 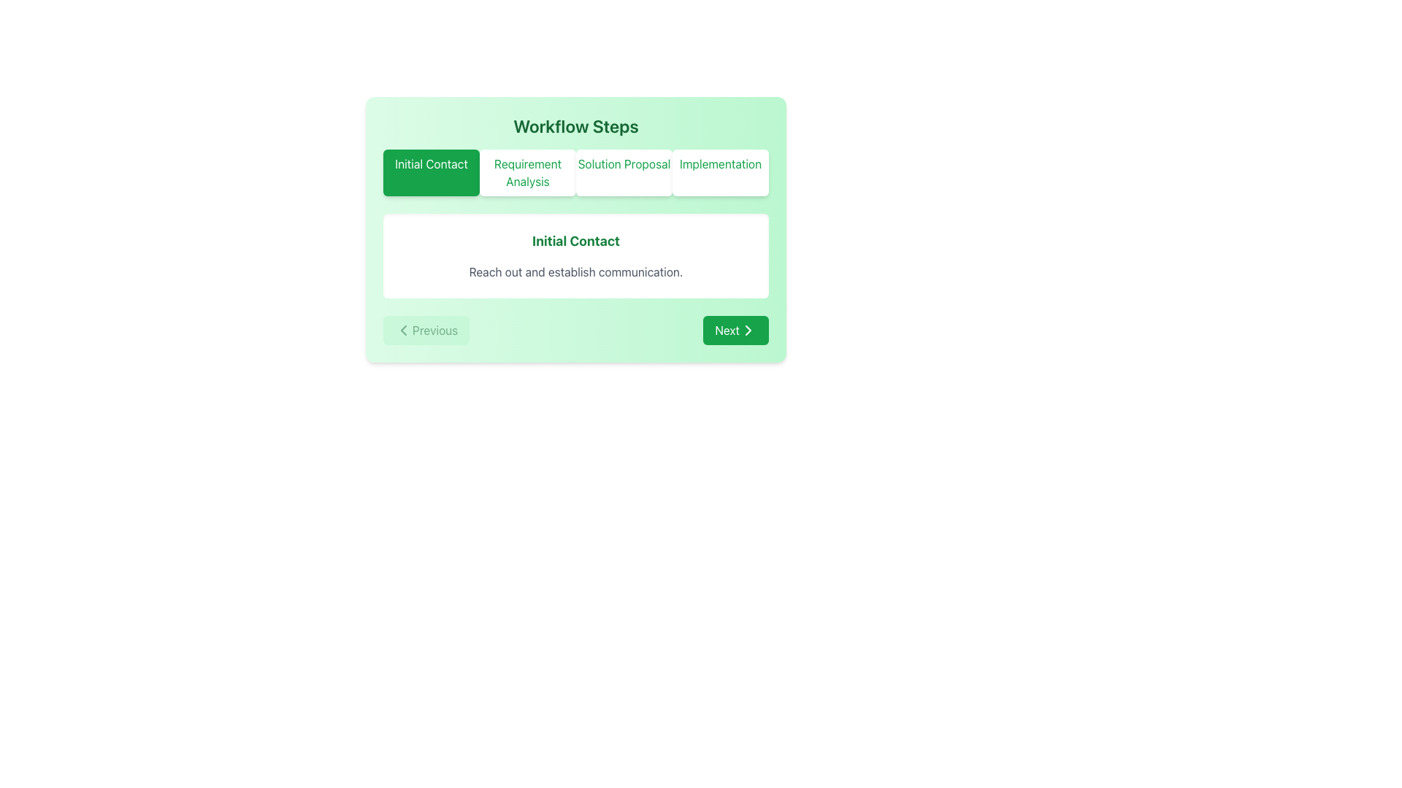 What do you see at coordinates (403, 330) in the screenshot?
I see `the 'Previous' button which contains a leftward-pointing arrow icon` at bounding box center [403, 330].